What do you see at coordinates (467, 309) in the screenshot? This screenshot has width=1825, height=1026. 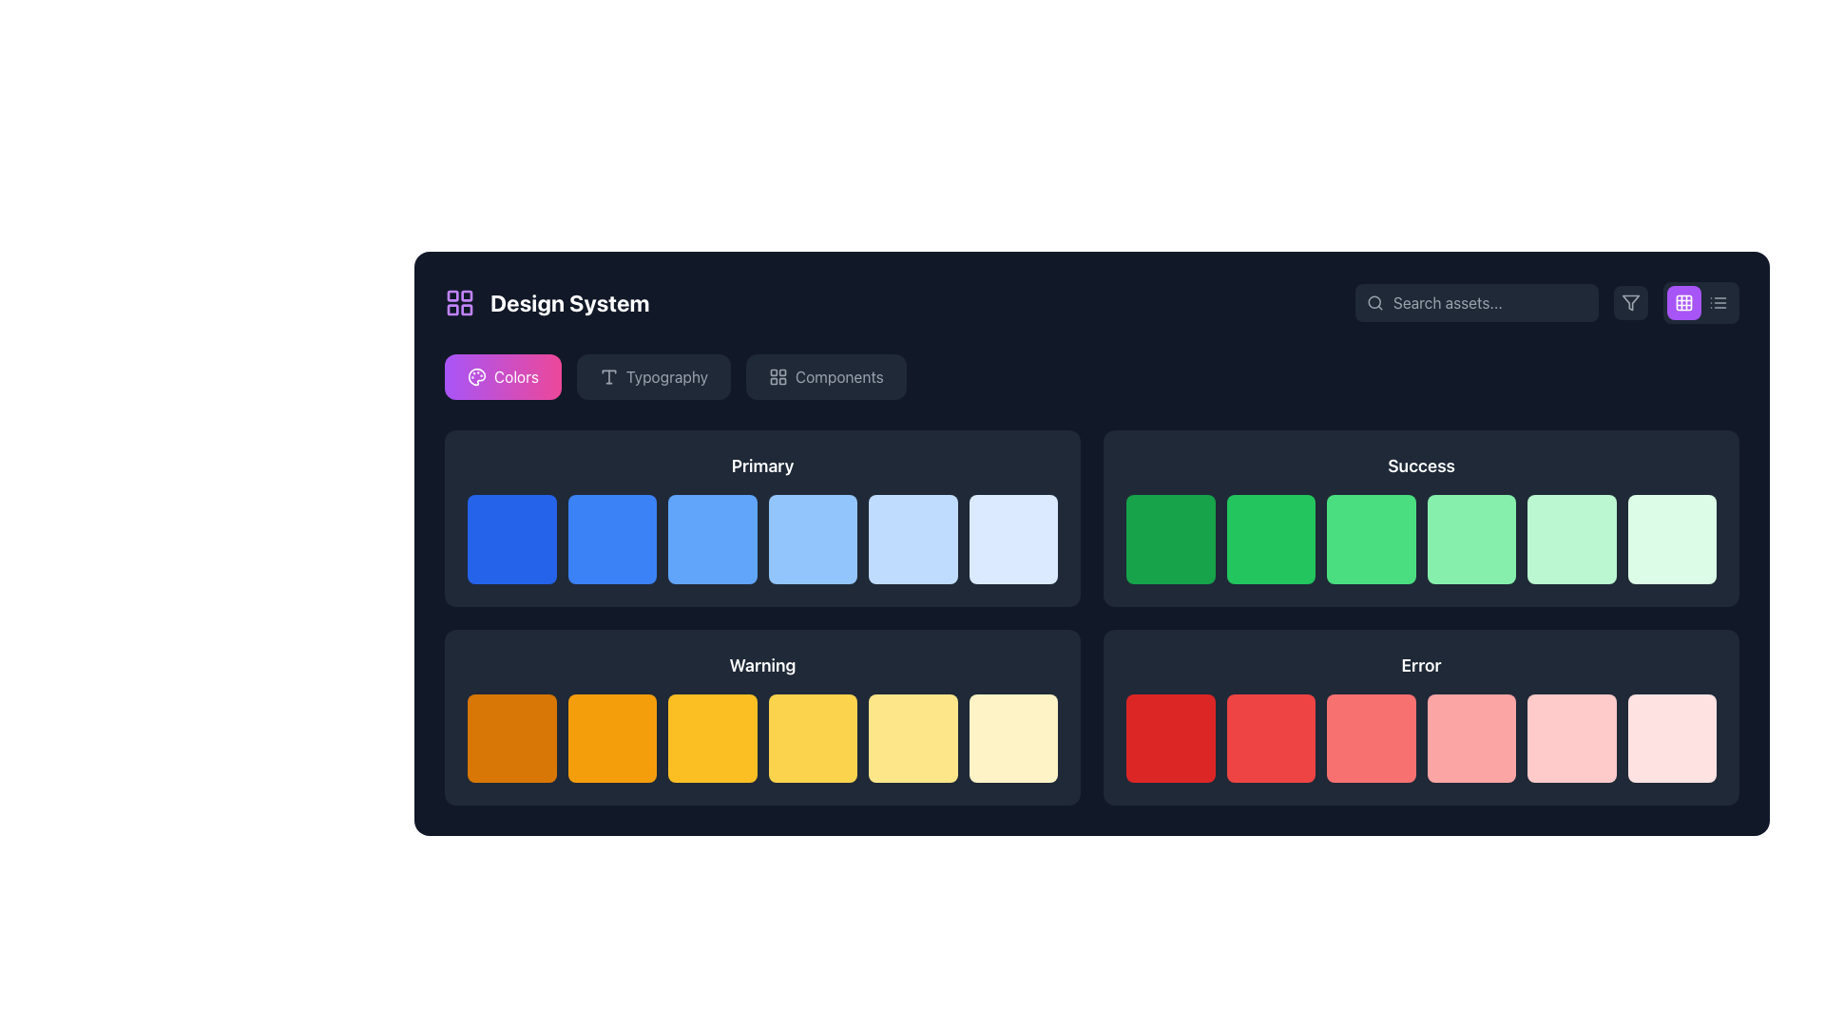 I see `the third square in the bottom-right corner of the grid-shaped icon used for navigation` at bounding box center [467, 309].